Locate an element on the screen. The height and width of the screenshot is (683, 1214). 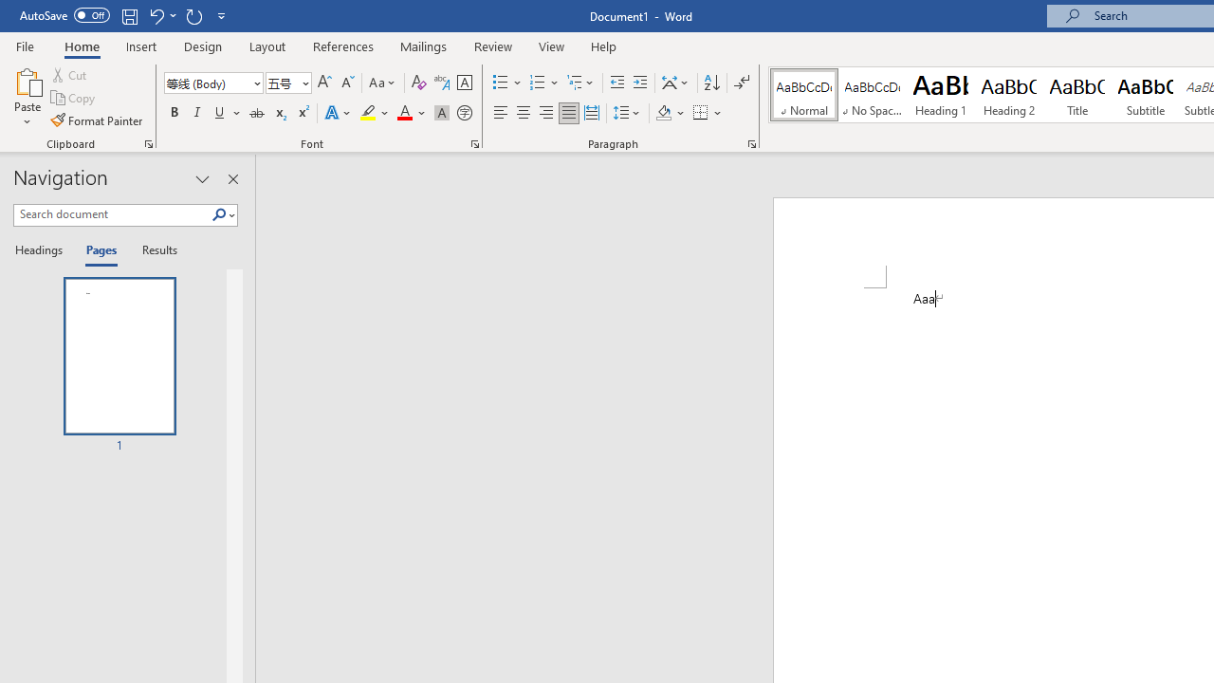
'Text Highlight Color Yellow' is located at coordinates (368, 113).